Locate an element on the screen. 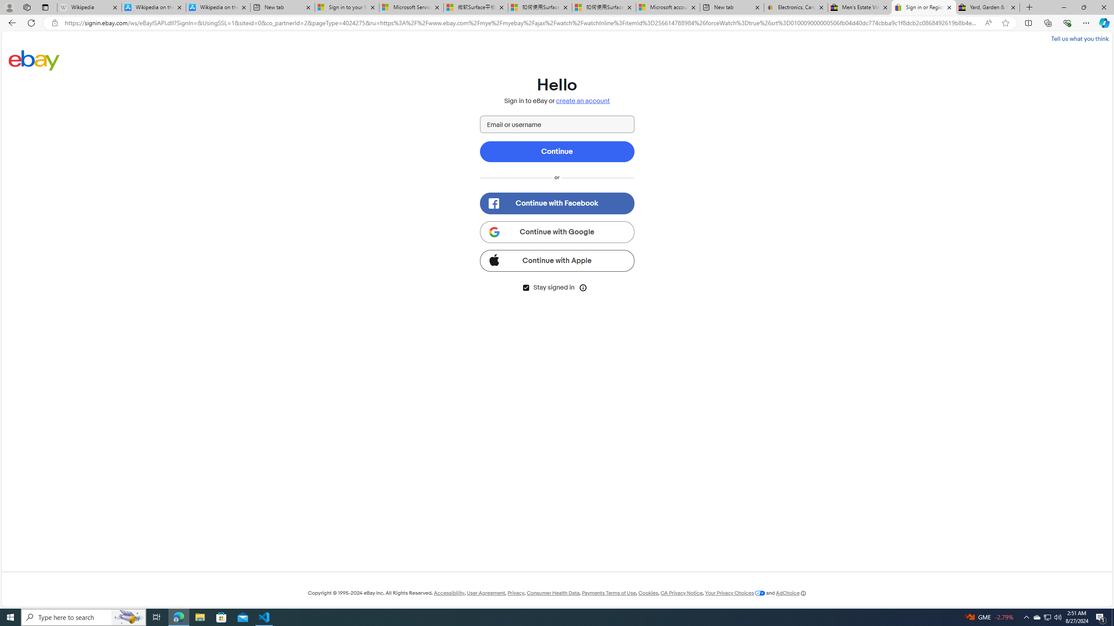 This screenshot has width=1114, height=626. 'AdChoice' is located at coordinates (791, 593).